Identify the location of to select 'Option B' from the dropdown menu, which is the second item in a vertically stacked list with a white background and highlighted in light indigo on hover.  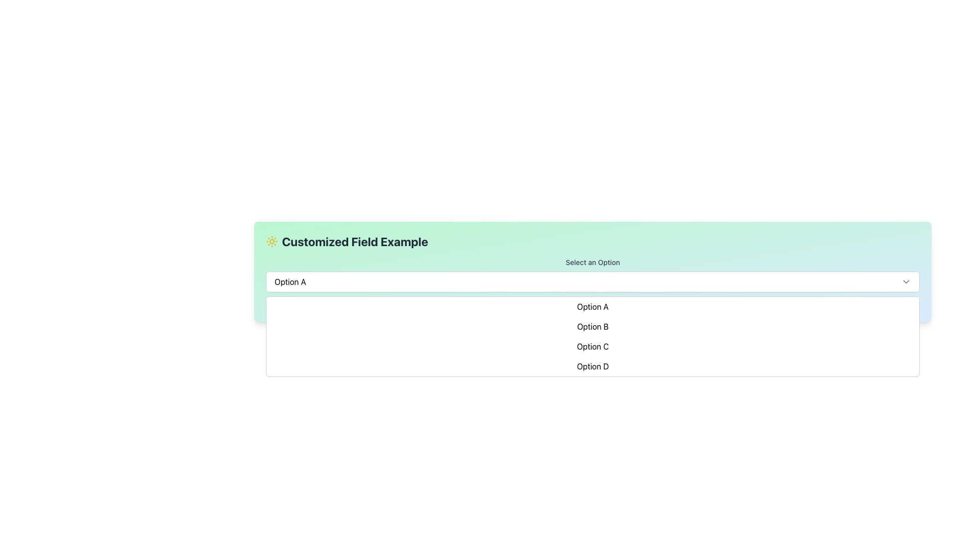
(592, 326).